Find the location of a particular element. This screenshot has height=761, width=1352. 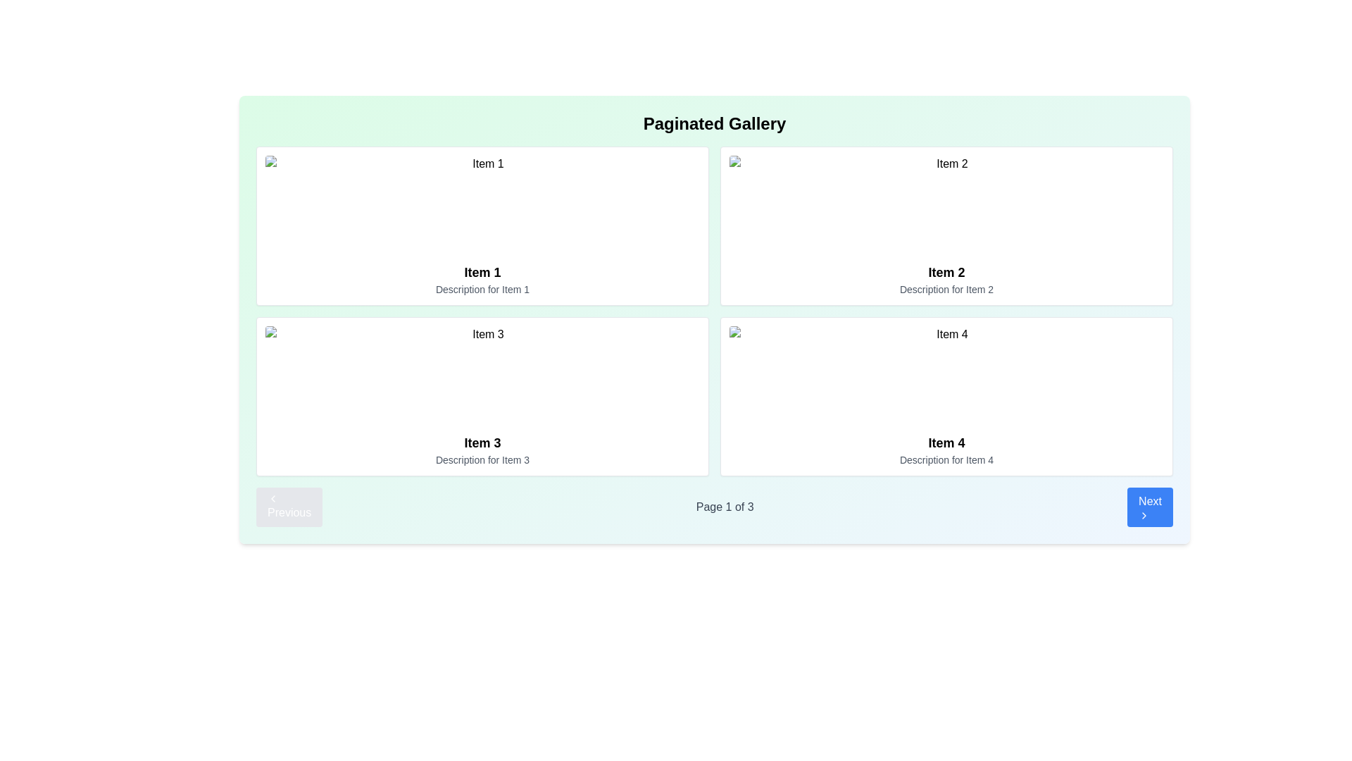

the text label for 'Item 2' located in the upper-right section of the card, which serves as its title or label is located at coordinates (946, 272).